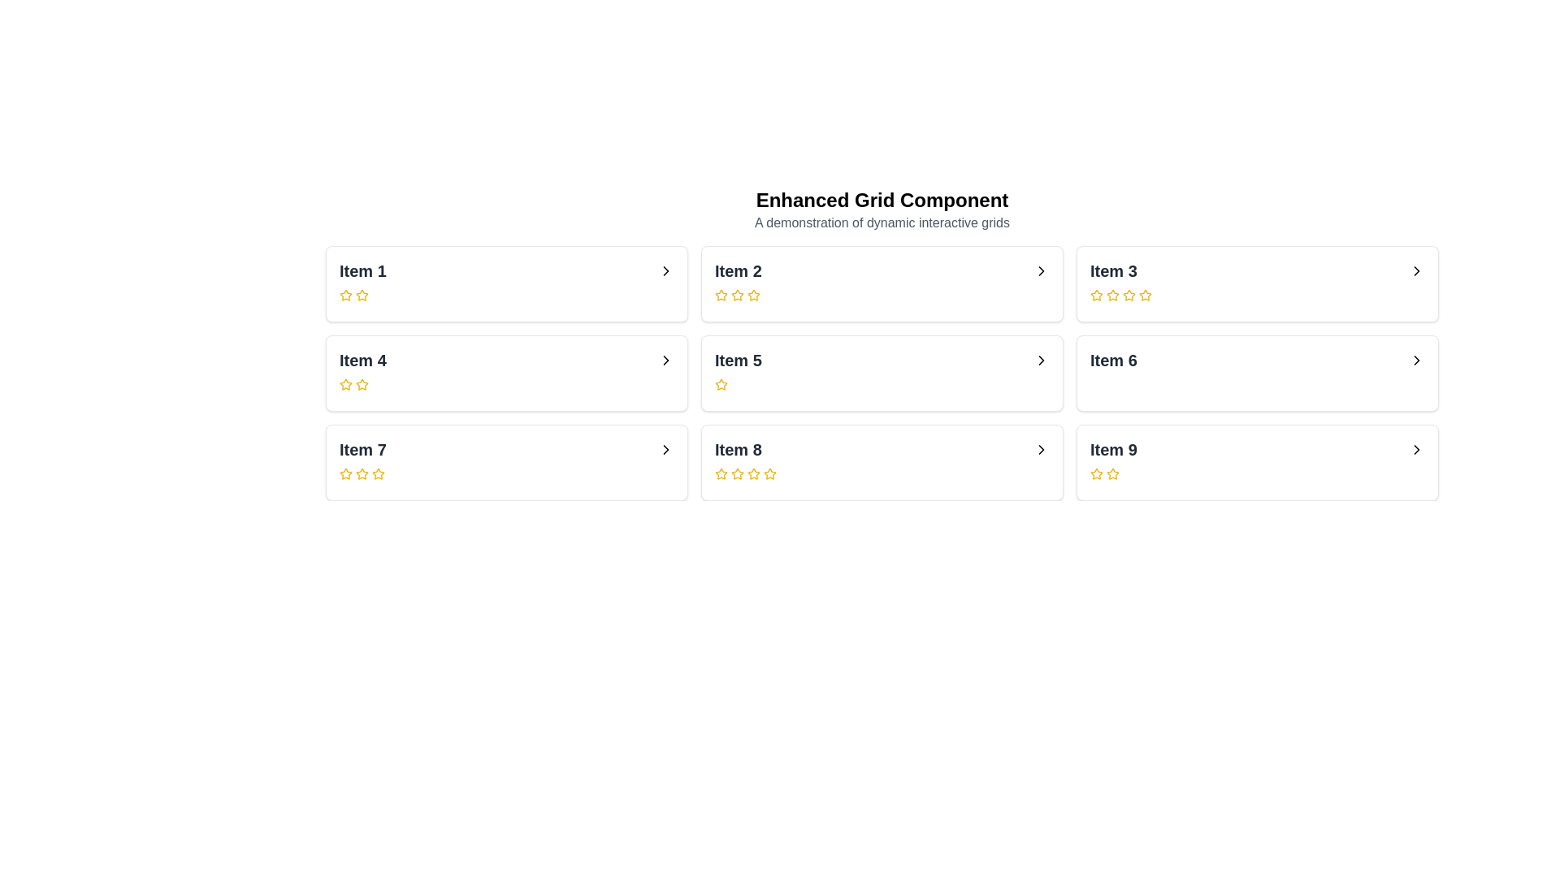  What do you see at coordinates (721, 384) in the screenshot?
I see `the highlighted yellow star icon in the rating row under 'Item 5'` at bounding box center [721, 384].